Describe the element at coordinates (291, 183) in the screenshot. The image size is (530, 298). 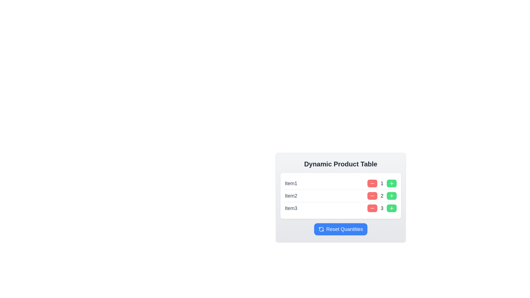
I see `the 'Item1' label, which is styled with a medium-sized, bold gray font and is located in the top row of the 'Dynamic Product Table', aligned with the first column` at that location.